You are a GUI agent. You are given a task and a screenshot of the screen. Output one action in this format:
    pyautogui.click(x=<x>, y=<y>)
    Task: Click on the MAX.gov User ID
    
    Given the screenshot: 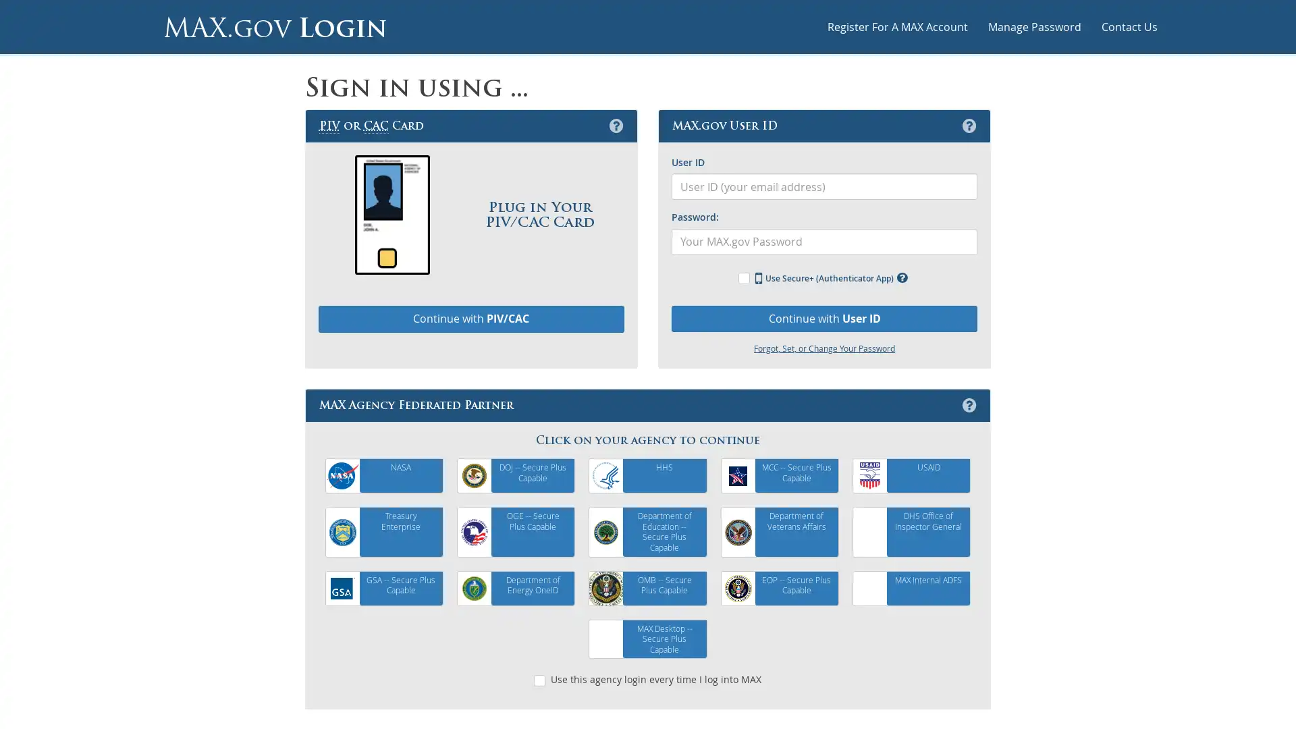 What is the action you would take?
    pyautogui.click(x=969, y=125)
    